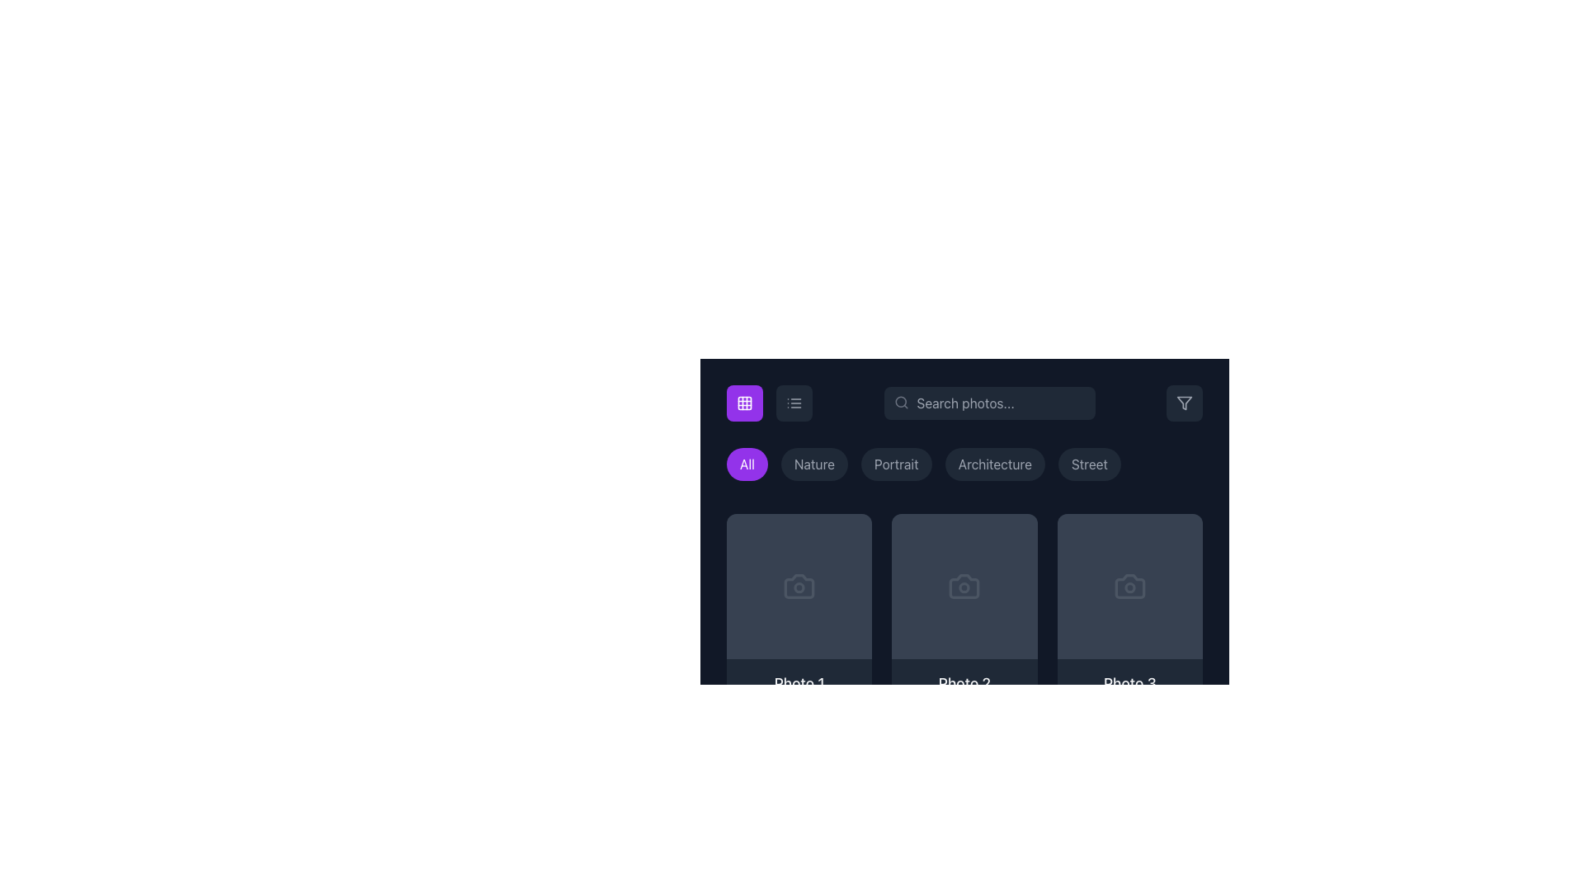 The image size is (1584, 891). I want to click on the 'Architecture' button, a rounded rectangular button with a dark gray background and light gray text, to filter content, so click(994, 464).